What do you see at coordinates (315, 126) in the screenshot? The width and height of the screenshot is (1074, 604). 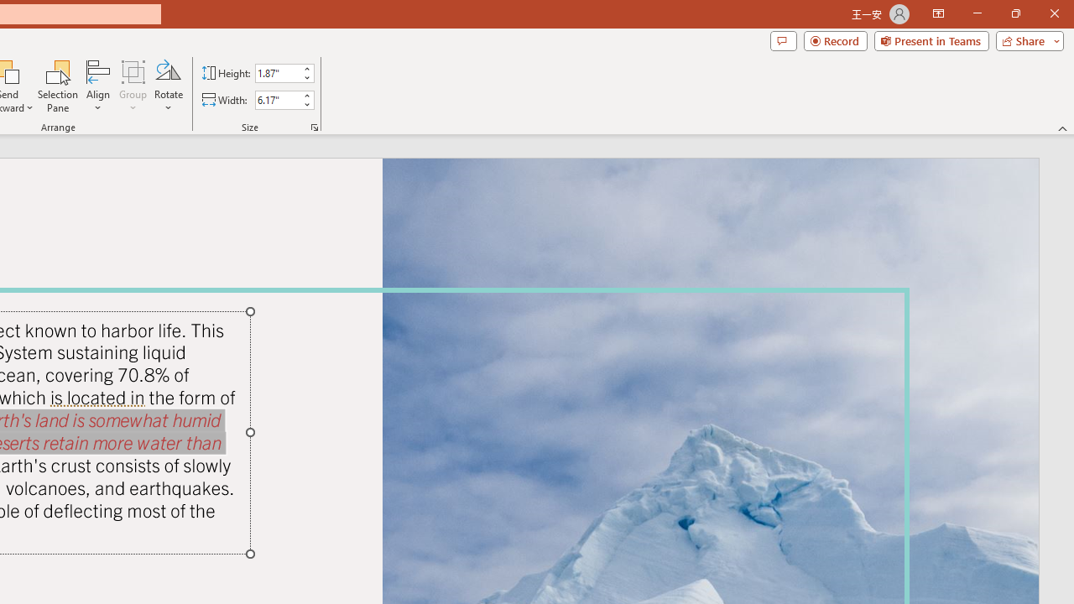 I see `'Size and Position...'` at bounding box center [315, 126].